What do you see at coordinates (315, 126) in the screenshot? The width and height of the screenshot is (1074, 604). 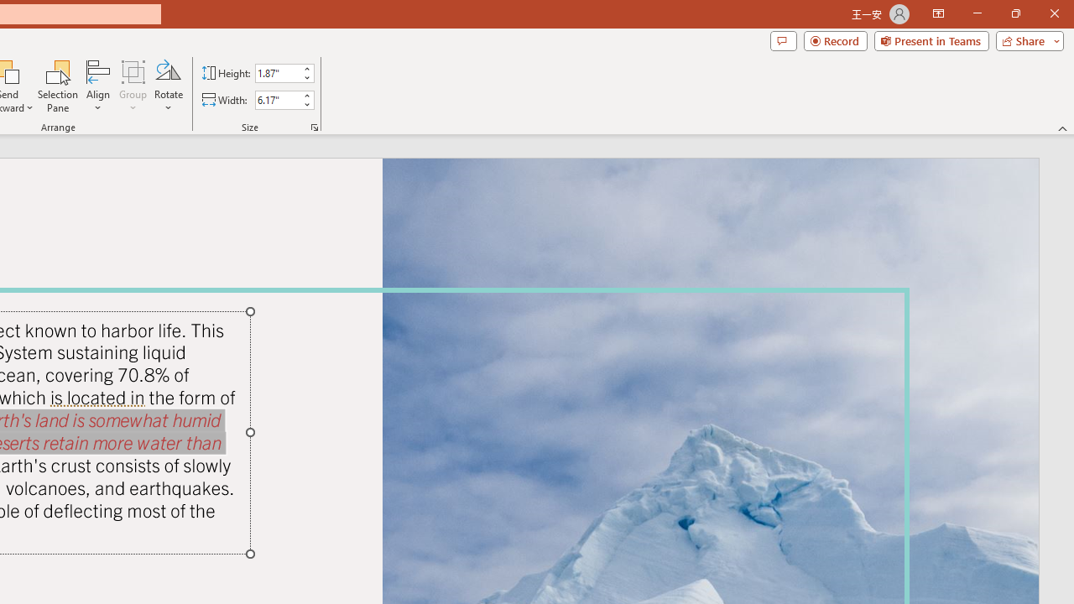 I see `'Size and Position...'` at bounding box center [315, 126].